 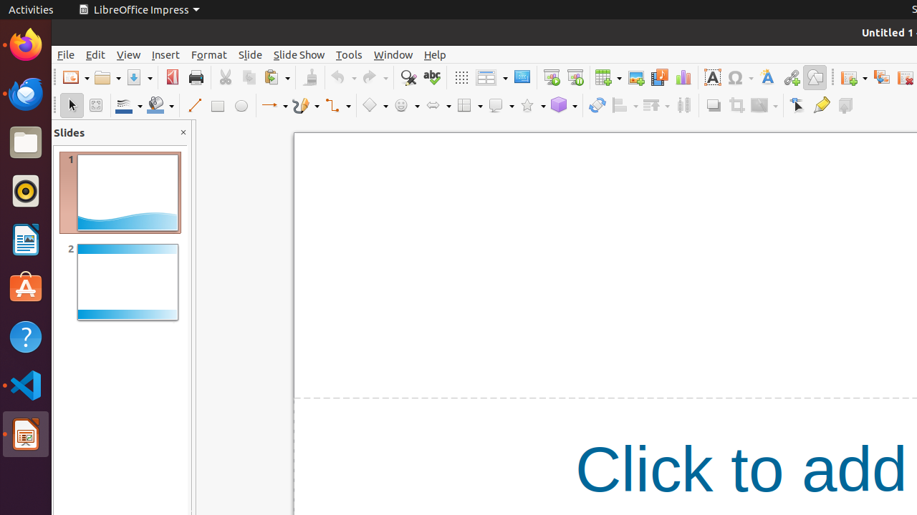 I want to click on 'Crop', so click(x=736, y=104).